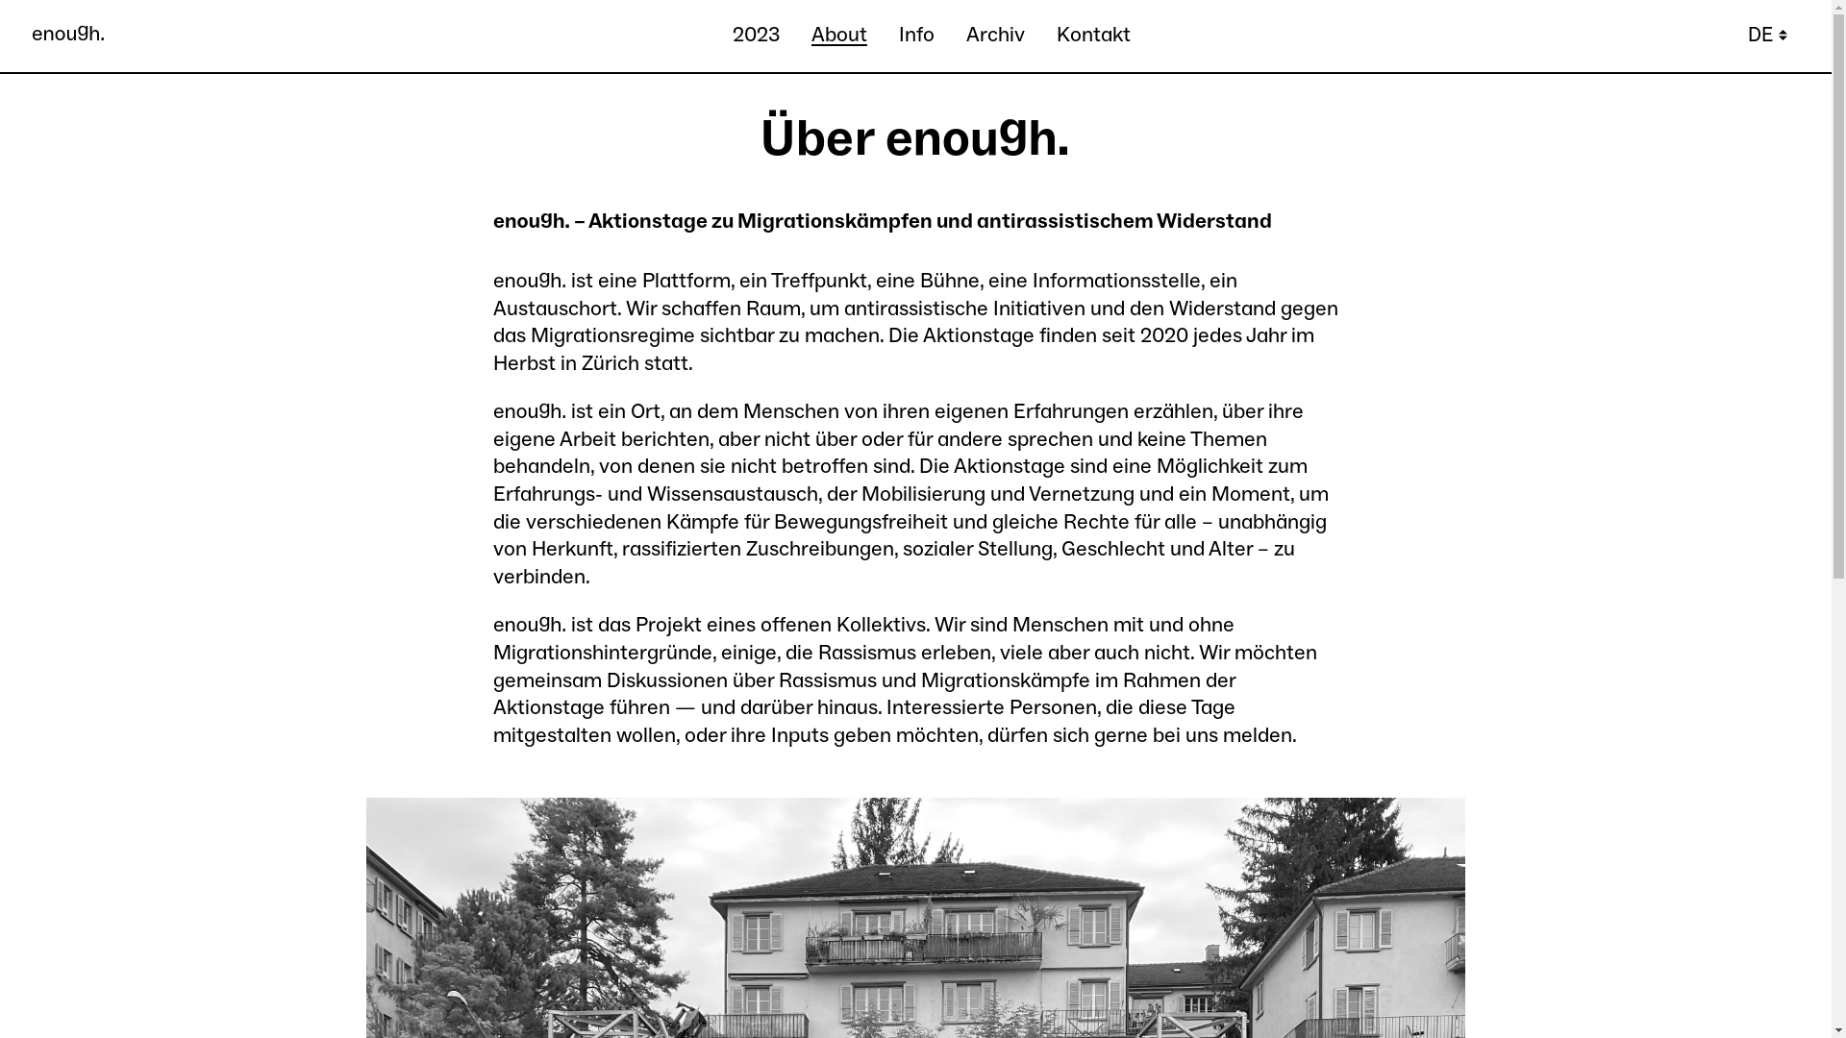 This screenshot has height=1038, width=1846. I want to click on 'Archiv', so click(995, 36).